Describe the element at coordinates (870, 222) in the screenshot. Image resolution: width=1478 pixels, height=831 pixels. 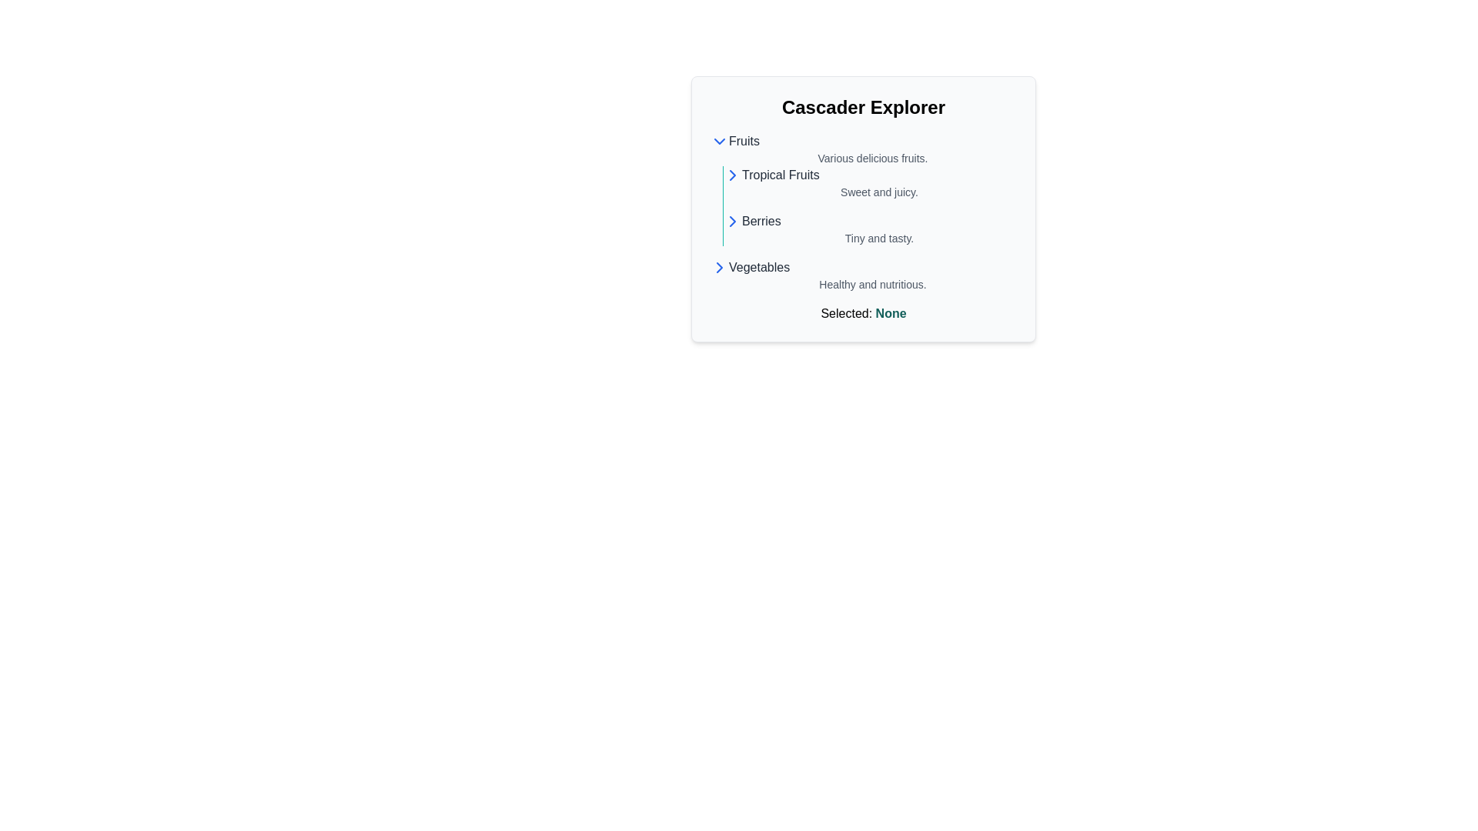
I see `the 'Berries' expandable menu item located` at that location.